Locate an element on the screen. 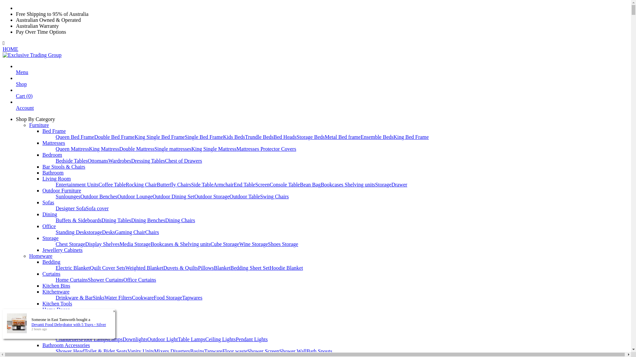  'Bar Stools & Chairs' is located at coordinates (42, 166).